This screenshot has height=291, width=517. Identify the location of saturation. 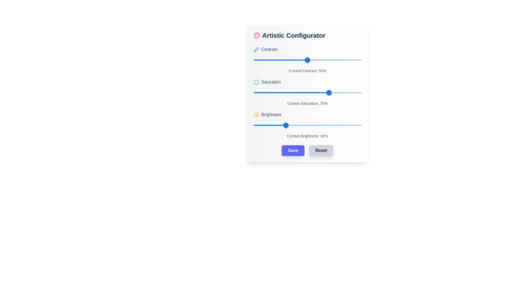
(329, 92).